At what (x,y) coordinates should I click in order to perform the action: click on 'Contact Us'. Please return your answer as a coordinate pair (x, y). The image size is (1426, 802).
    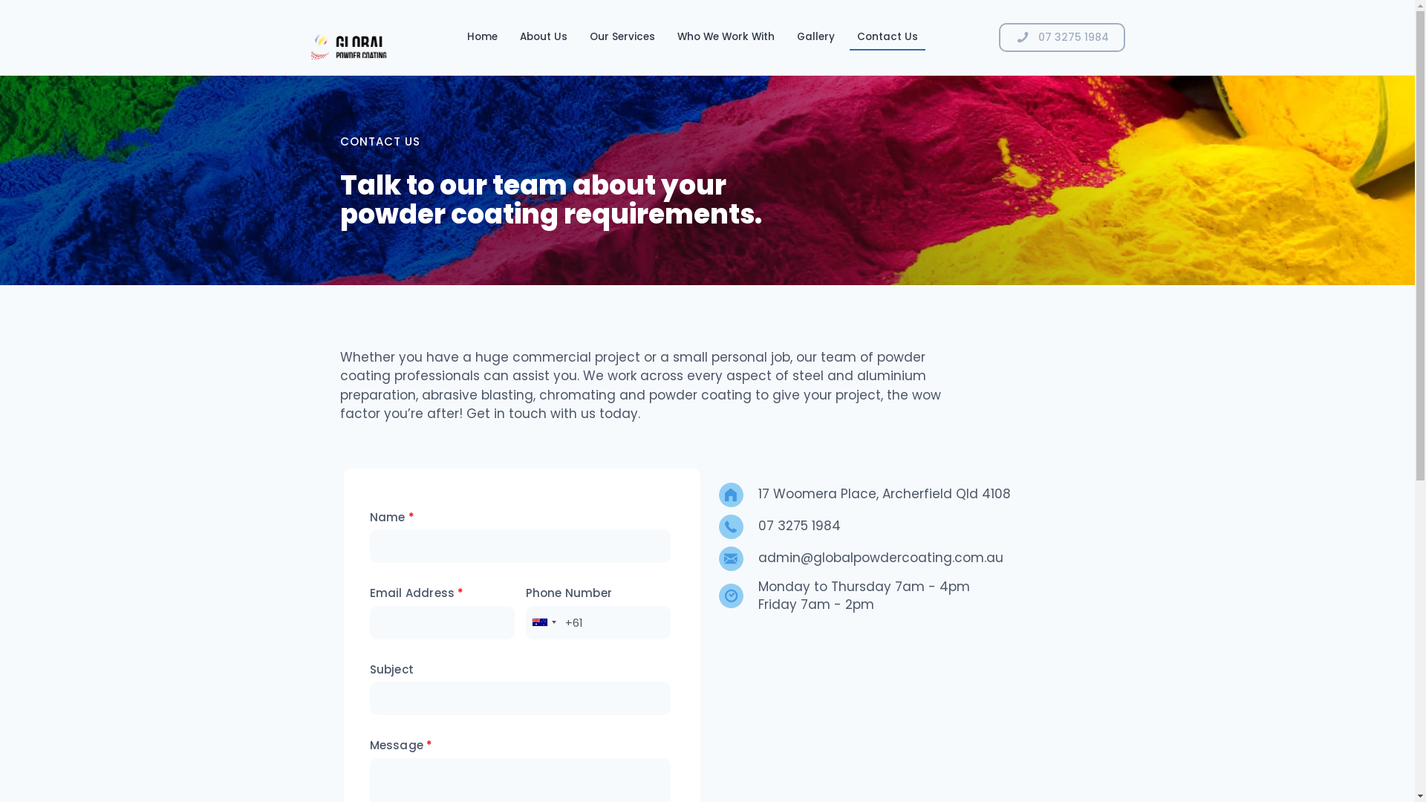
    Looking at the image, I should click on (888, 36).